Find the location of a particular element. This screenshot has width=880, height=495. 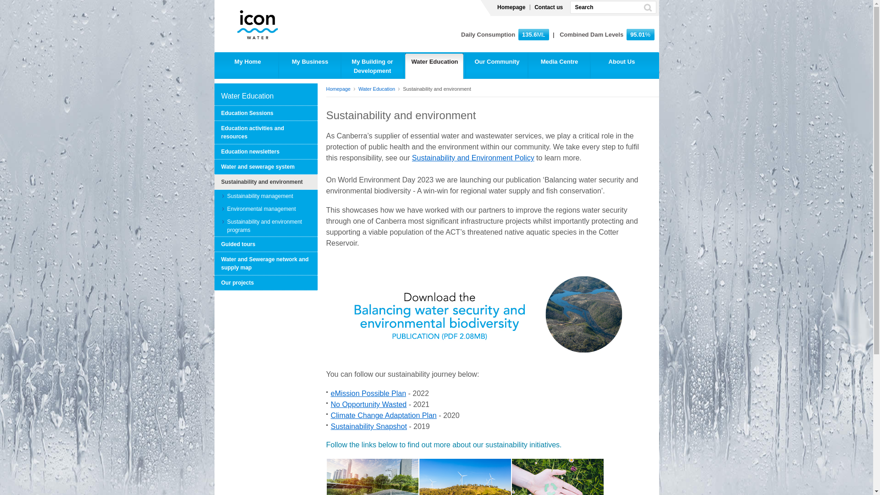

'Sustainability and environment programs' is located at coordinates (265, 226).